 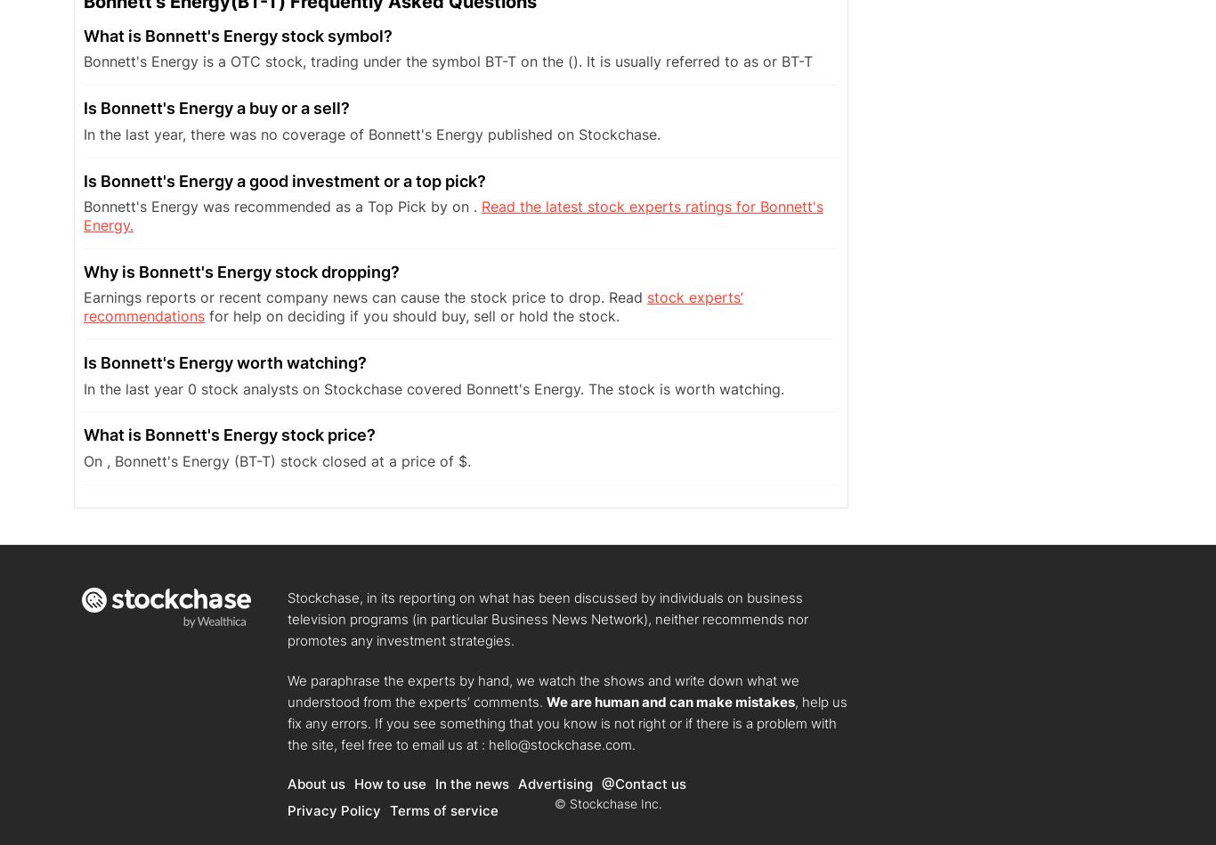 What do you see at coordinates (599, 782) in the screenshot?
I see `'@Contact us'` at bounding box center [599, 782].